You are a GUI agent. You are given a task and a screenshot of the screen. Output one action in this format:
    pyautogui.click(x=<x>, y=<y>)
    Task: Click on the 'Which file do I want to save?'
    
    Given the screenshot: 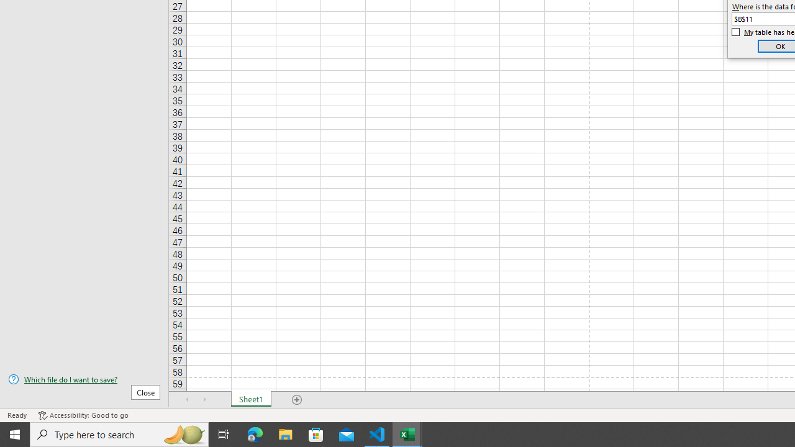 What is the action you would take?
    pyautogui.click(x=84, y=379)
    